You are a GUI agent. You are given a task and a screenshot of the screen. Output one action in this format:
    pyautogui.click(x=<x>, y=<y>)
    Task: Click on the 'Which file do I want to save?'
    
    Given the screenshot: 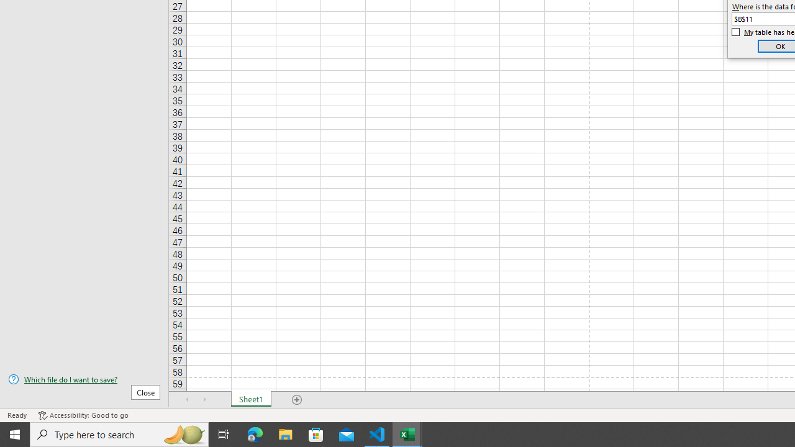 What is the action you would take?
    pyautogui.click(x=84, y=379)
    